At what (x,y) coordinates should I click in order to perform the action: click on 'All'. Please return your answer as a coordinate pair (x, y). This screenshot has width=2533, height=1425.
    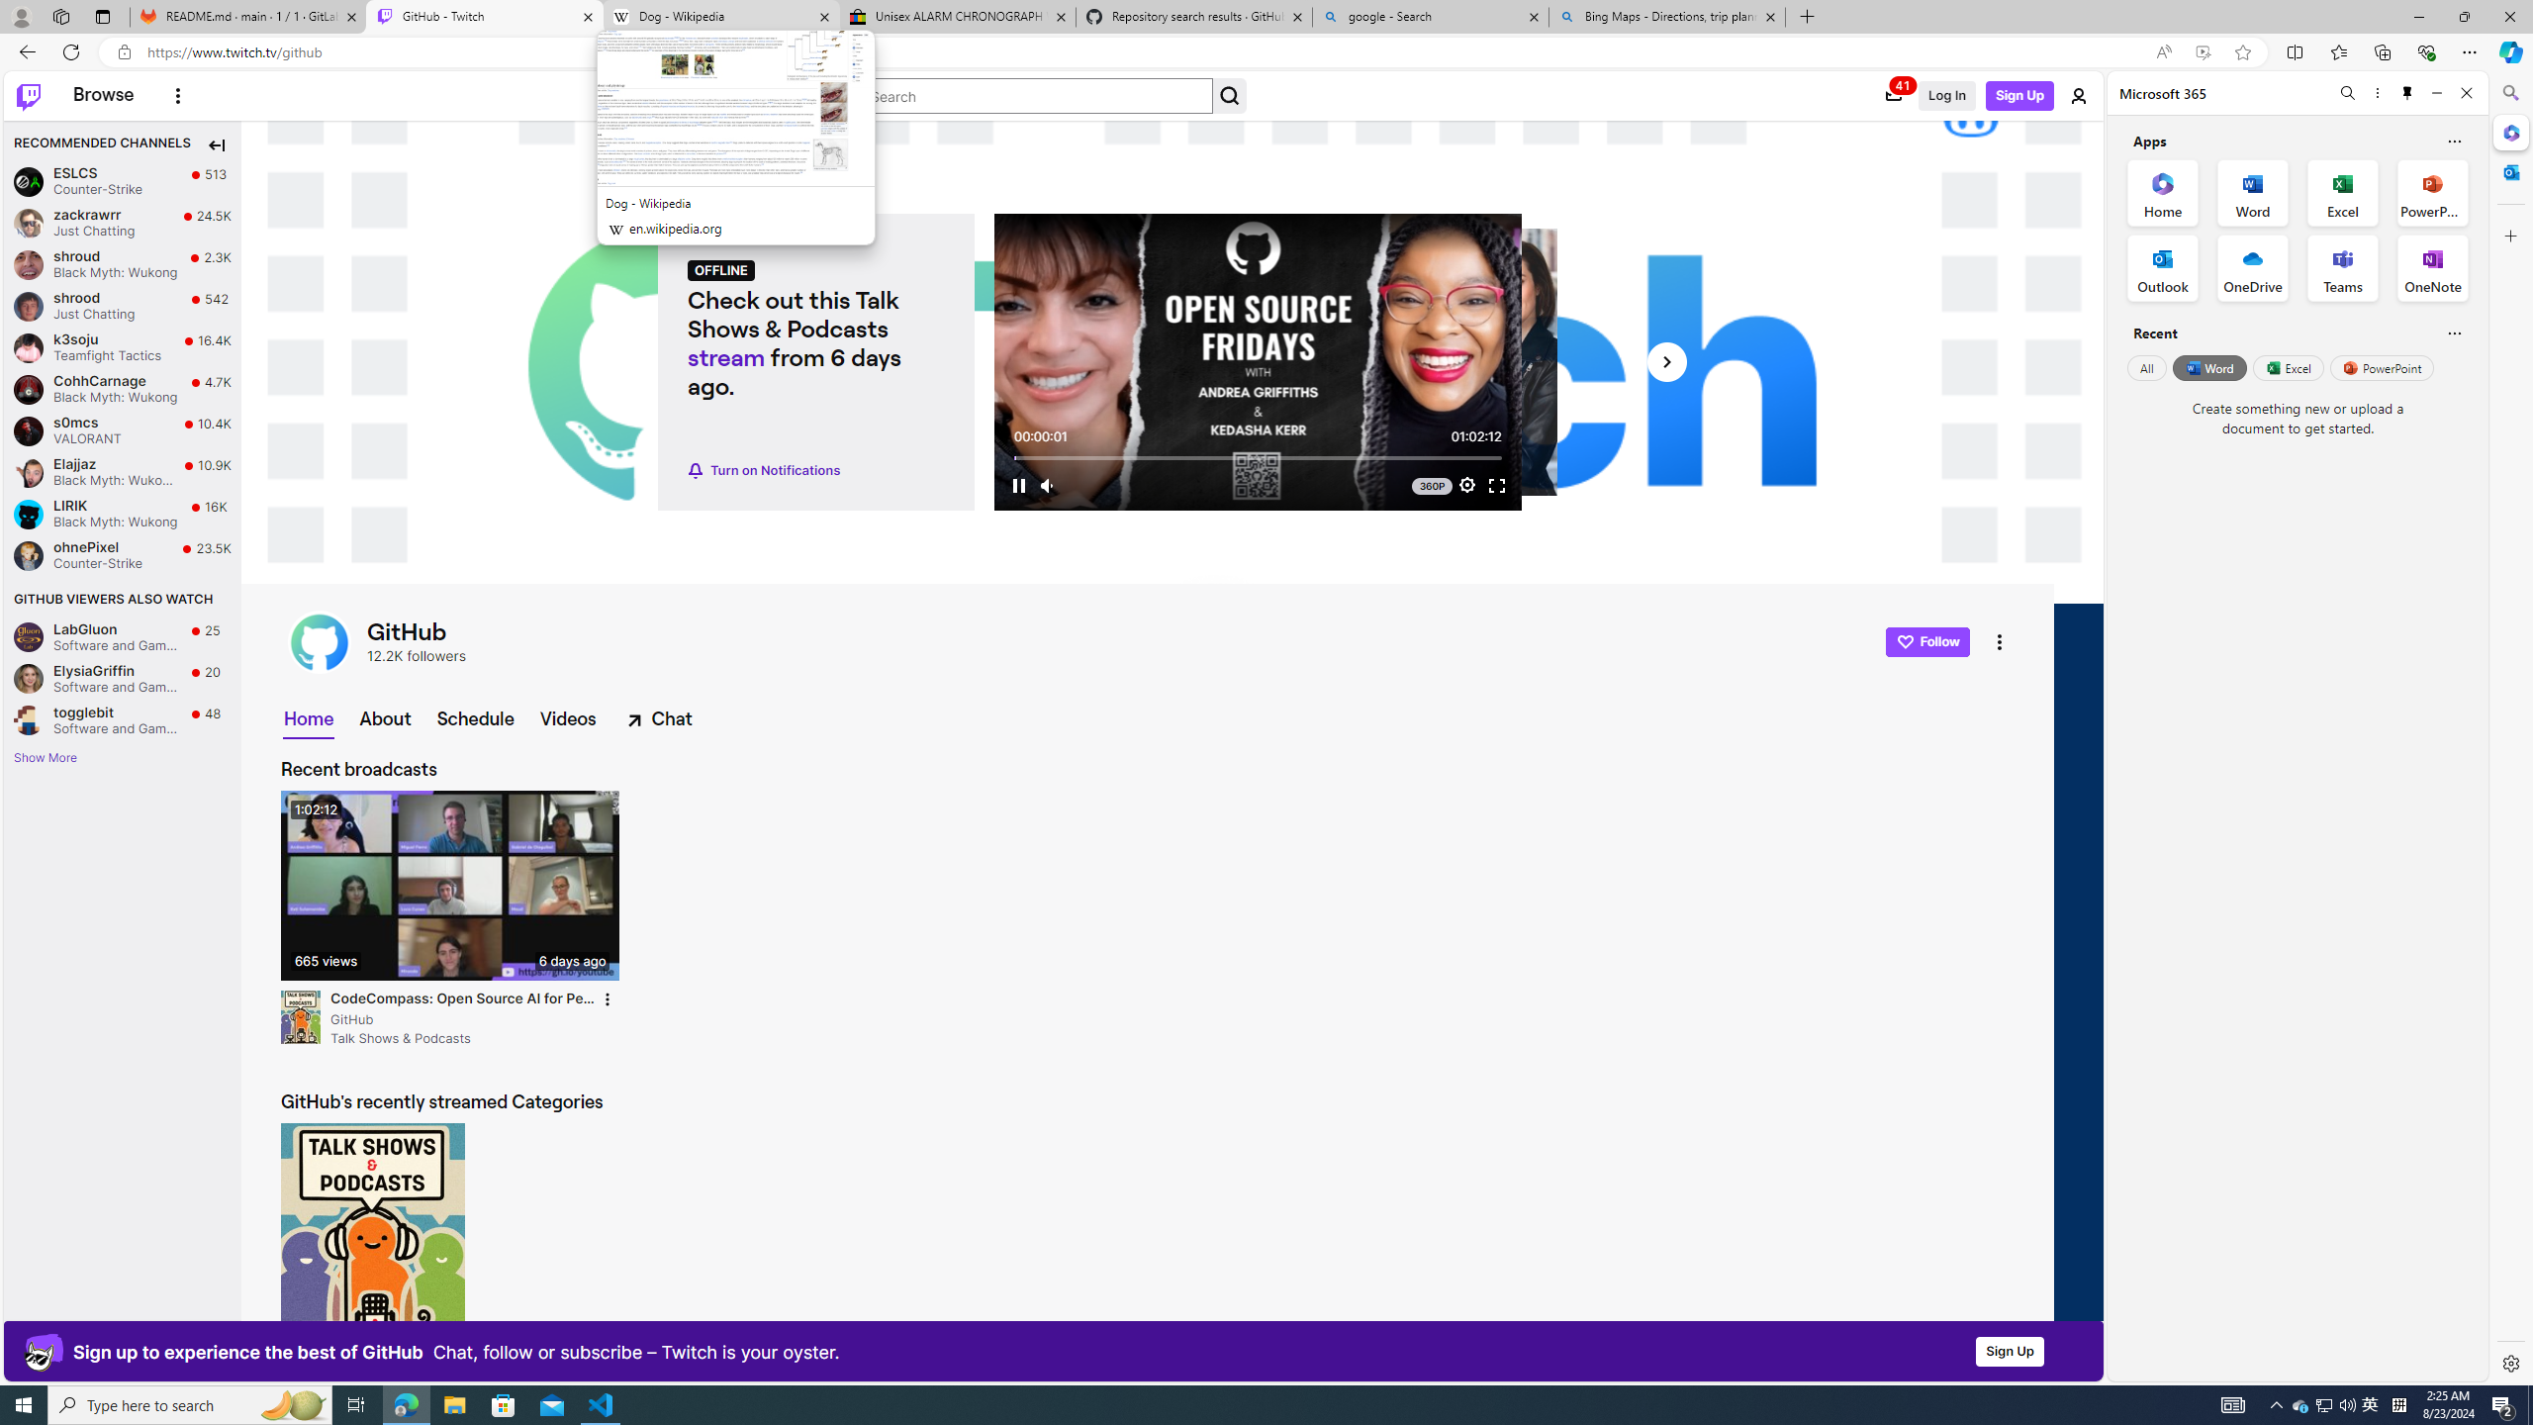
    Looking at the image, I should click on (2145, 367).